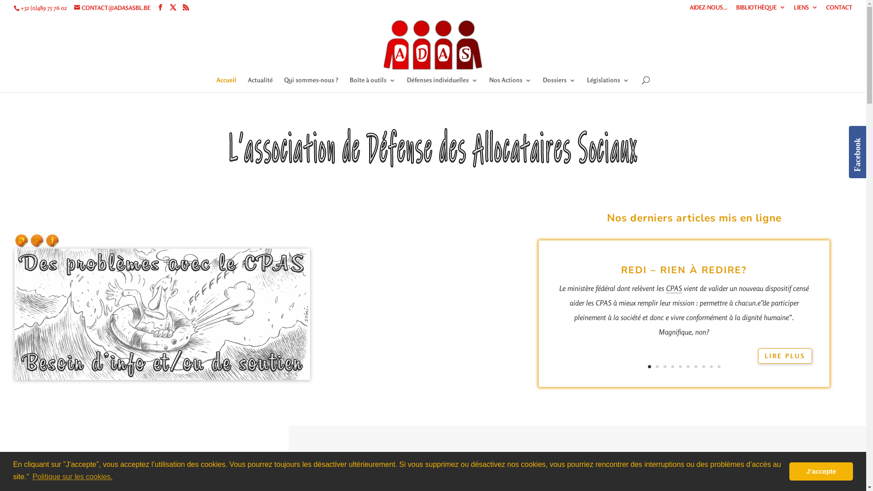 The width and height of the screenshot is (873, 491). I want to click on 'Dossiers', so click(558, 84).